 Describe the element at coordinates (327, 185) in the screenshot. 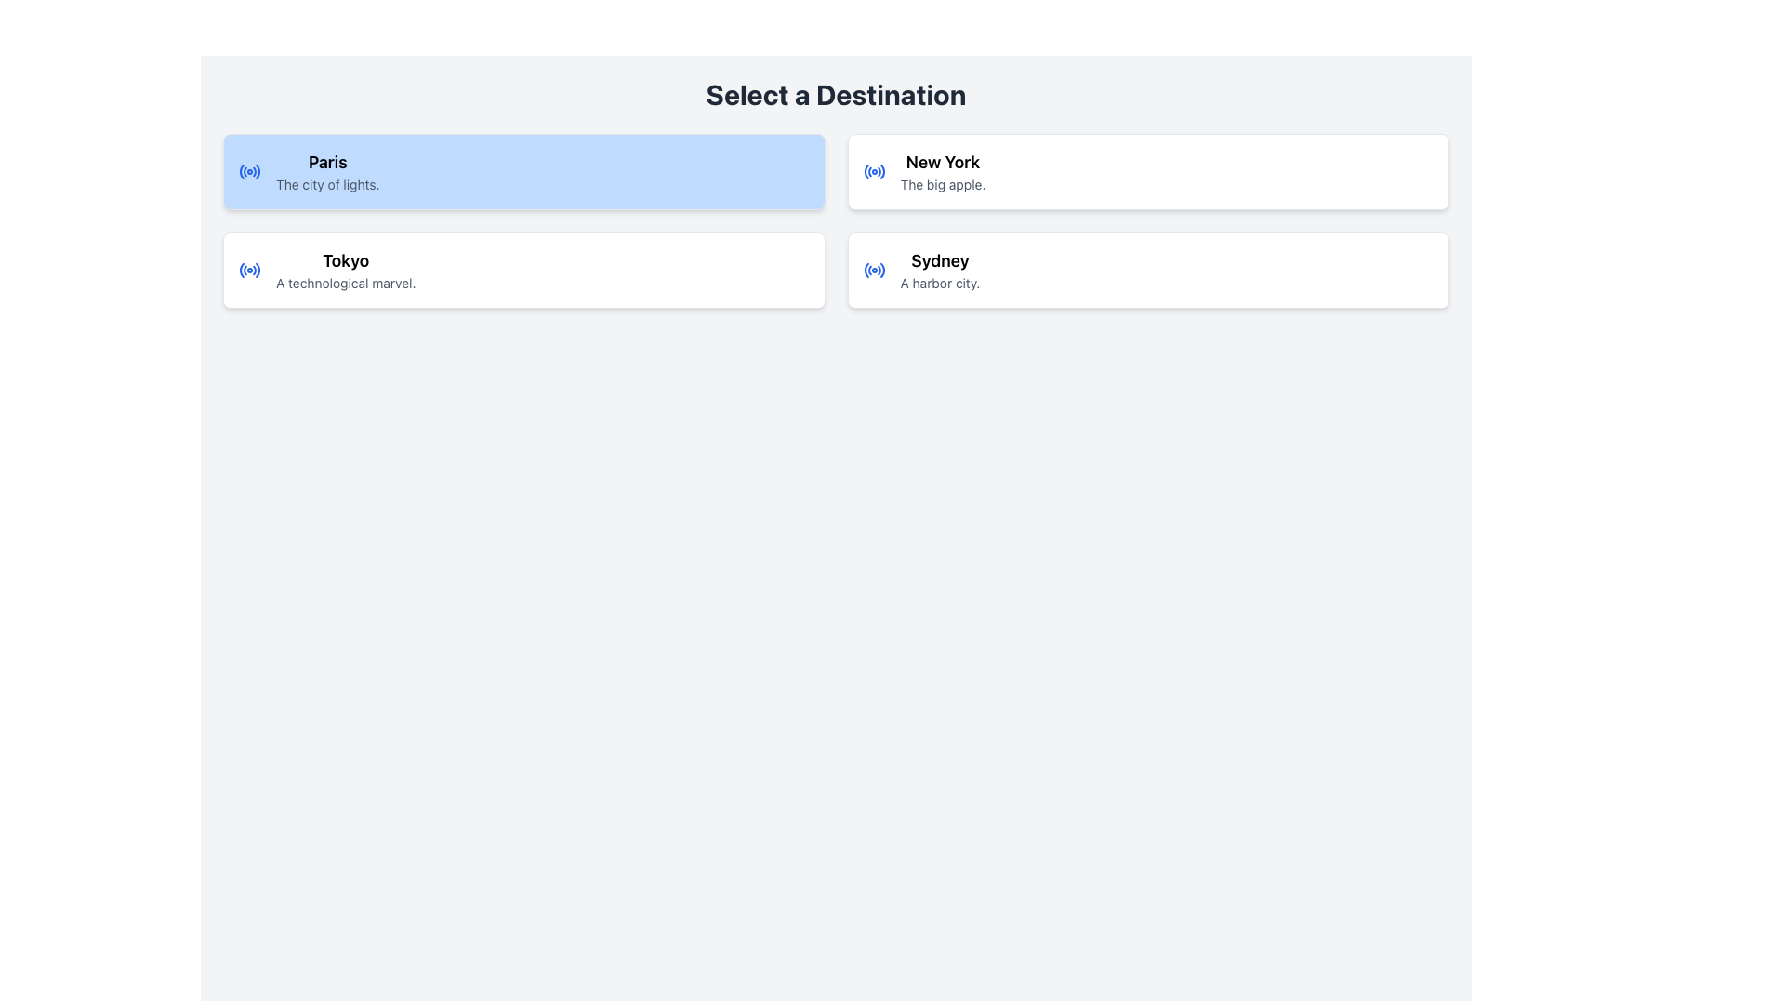

I see `the descriptive subtitle text label located directly below the 'Paris' destination option in the first blue-highlighted box on the left side of the display` at that location.